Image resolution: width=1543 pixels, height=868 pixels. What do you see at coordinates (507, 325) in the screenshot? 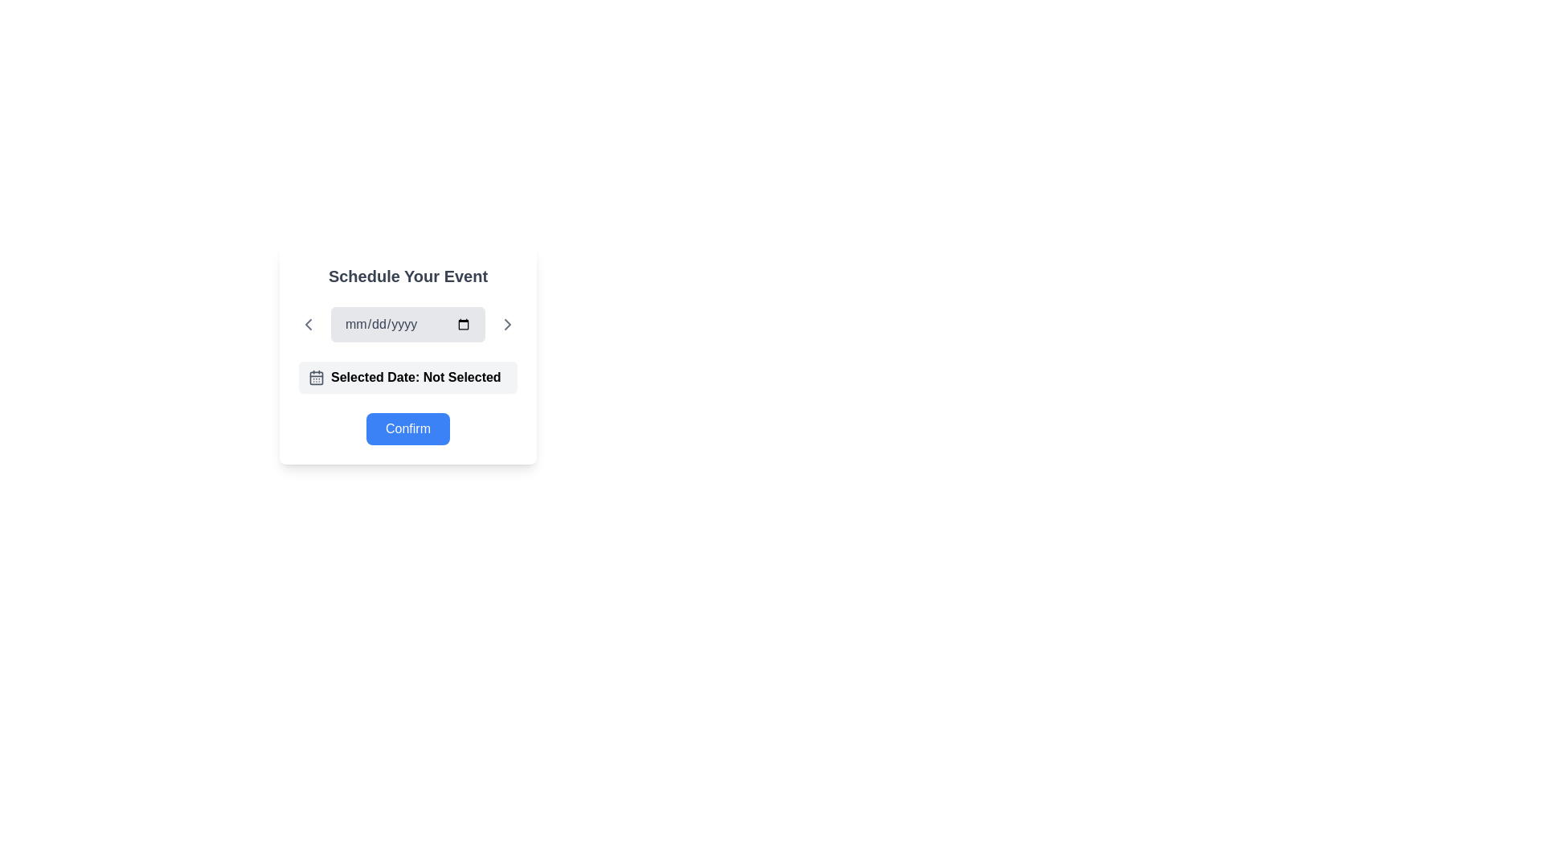
I see `the right-pointing arrow icon next to the date input box under the 'Schedule Your Event' section` at bounding box center [507, 325].